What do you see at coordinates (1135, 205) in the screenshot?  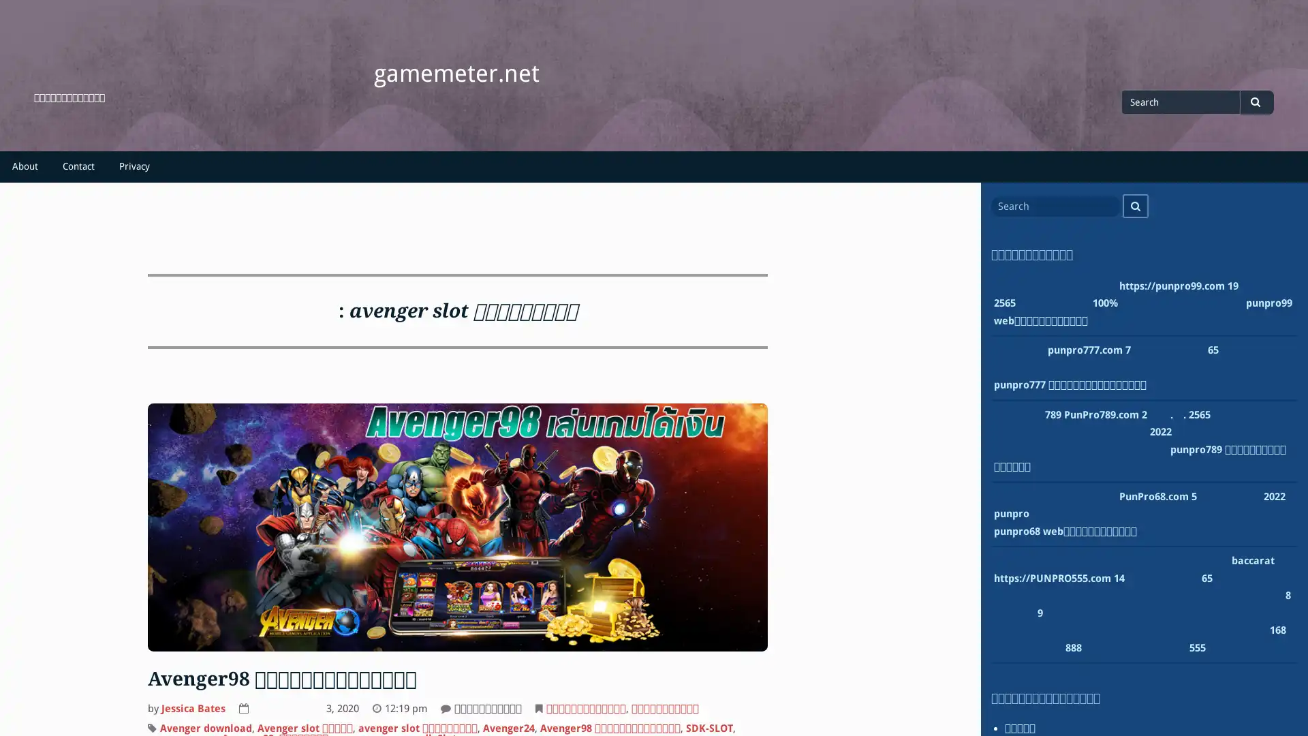 I see `Search` at bounding box center [1135, 205].